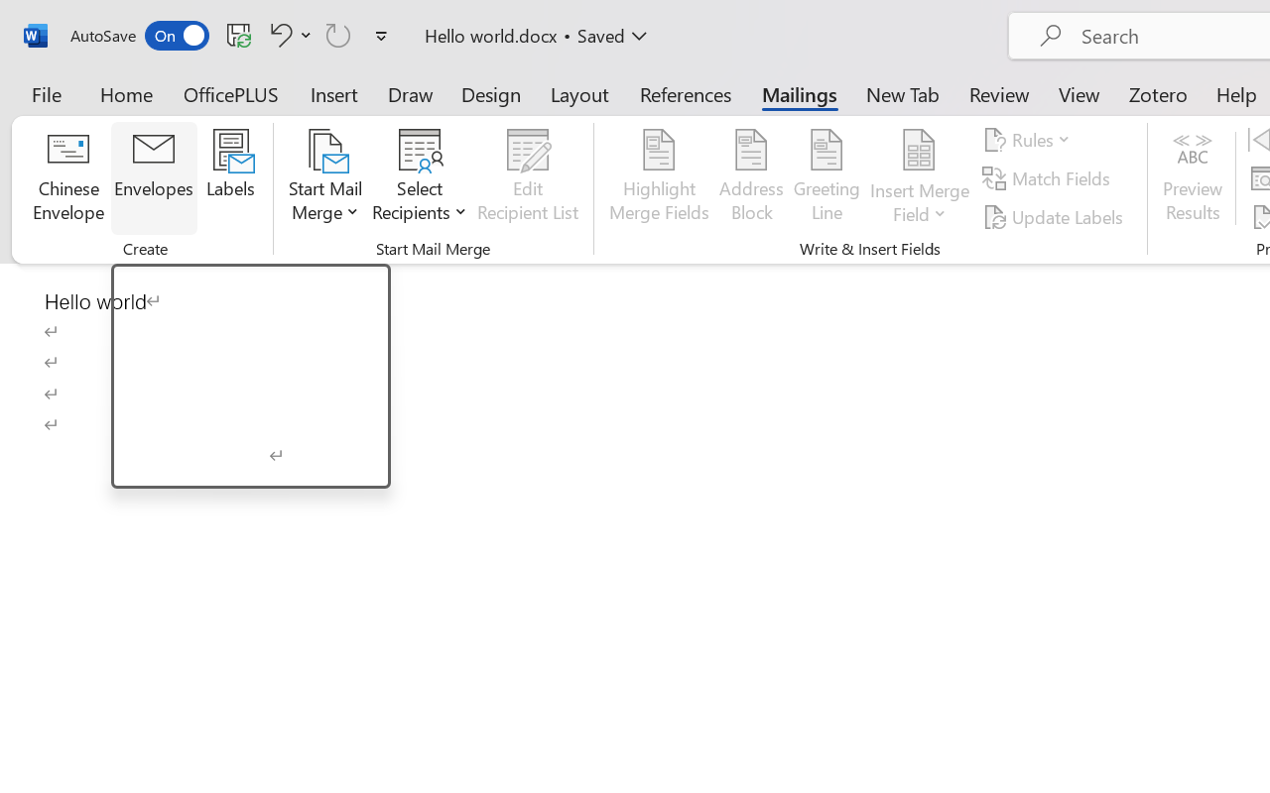 Image resolution: width=1270 pixels, height=793 pixels. Describe the element at coordinates (277, 34) in the screenshot. I see `'Undo Click and Type Formatting'` at that location.